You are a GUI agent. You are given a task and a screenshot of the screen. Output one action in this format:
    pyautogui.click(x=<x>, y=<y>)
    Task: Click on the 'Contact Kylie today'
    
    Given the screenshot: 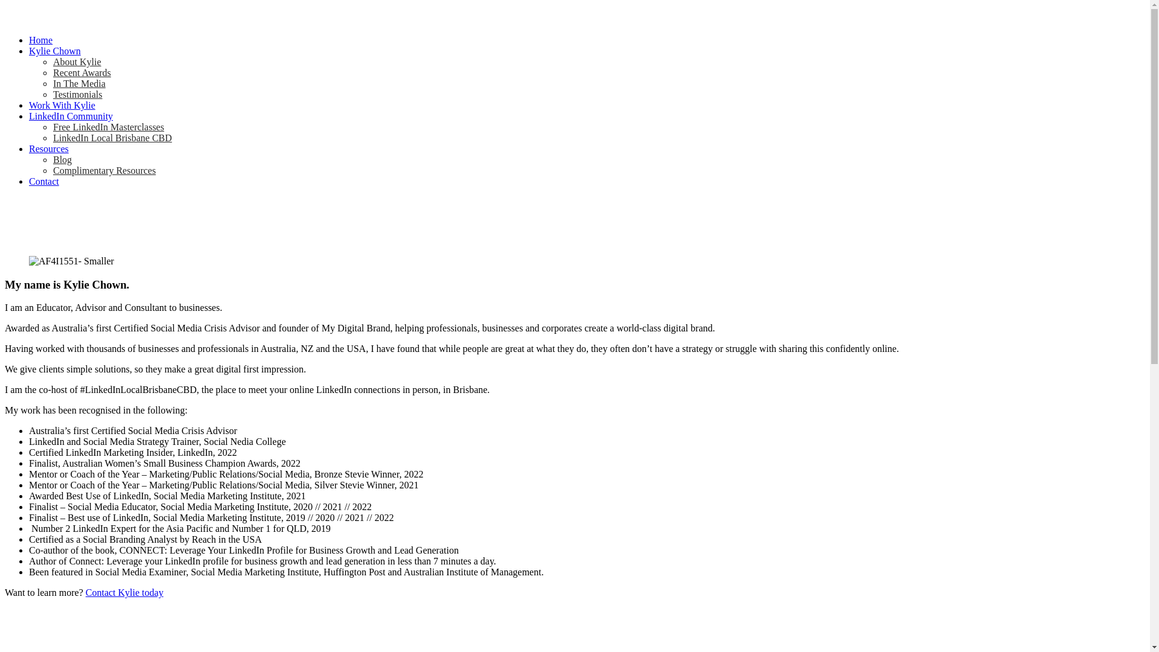 What is the action you would take?
    pyautogui.click(x=124, y=592)
    